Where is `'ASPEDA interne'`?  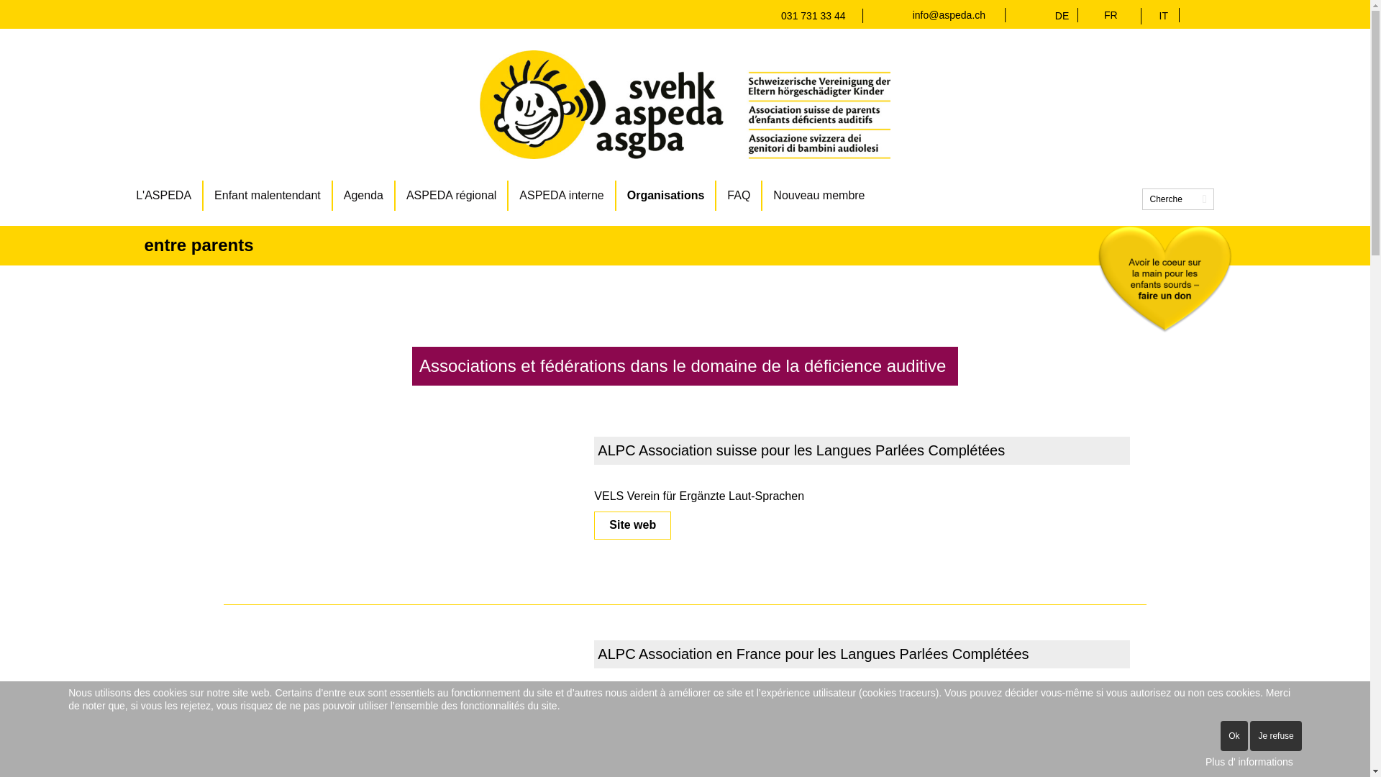 'ASPEDA interne' is located at coordinates (561, 196).